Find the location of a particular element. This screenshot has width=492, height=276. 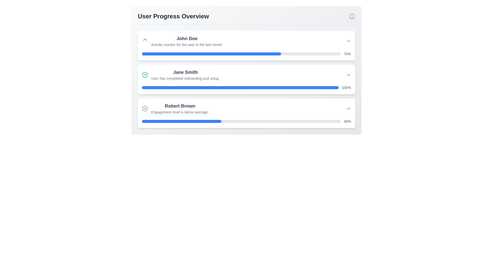

the progress bar that visually represents the user's completion level in the 'Jane Smith' section, which is positioned in the middle of the second user overview row, directly below the user's name and status description is located at coordinates (240, 87).